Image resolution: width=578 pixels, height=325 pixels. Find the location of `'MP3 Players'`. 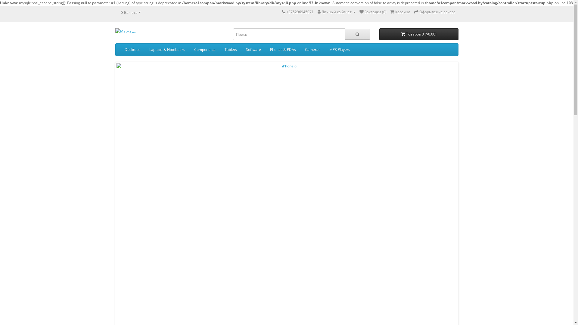

'MP3 Players' is located at coordinates (339, 49).